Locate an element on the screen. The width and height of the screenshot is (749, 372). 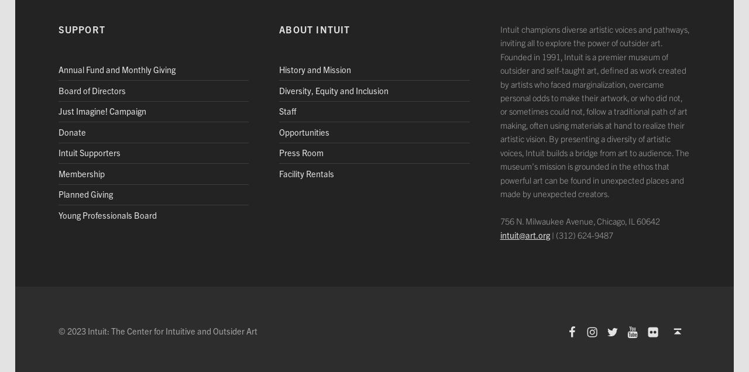
'Annual Fund and Monthly Giving' is located at coordinates (116, 69).